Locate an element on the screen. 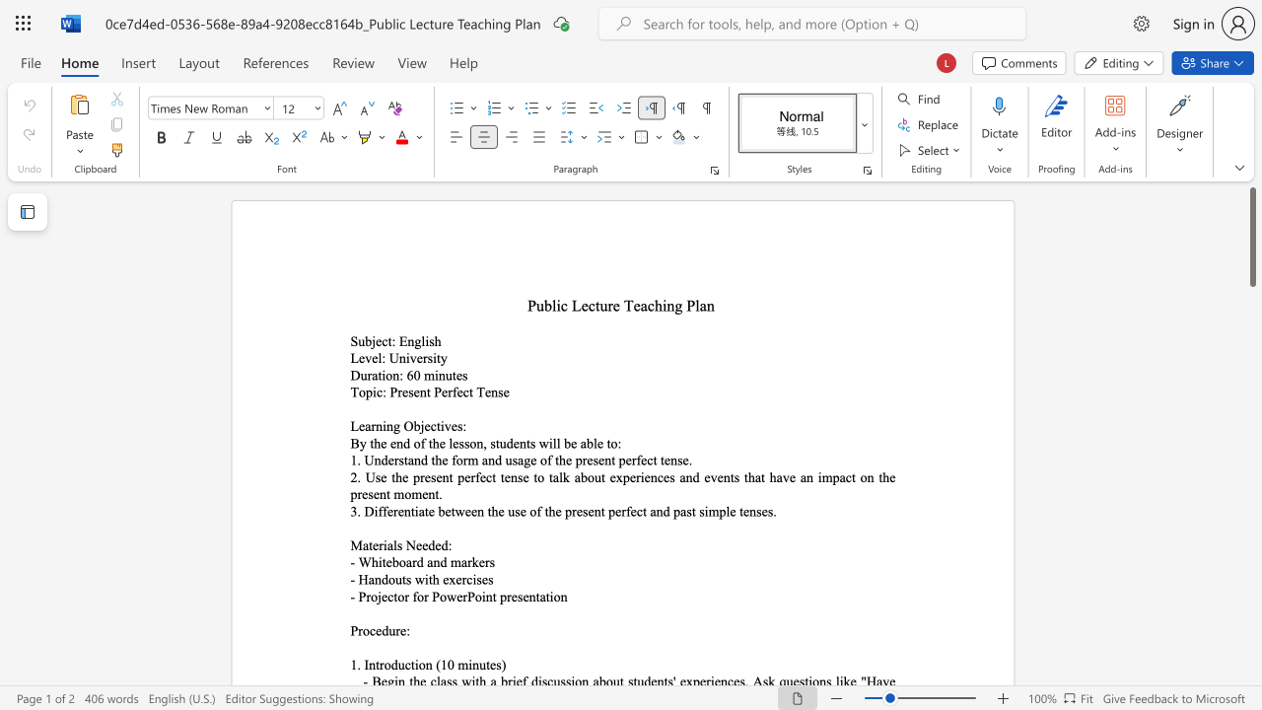 The image size is (1262, 710). the right-hand scrollbar to descend the page is located at coordinates (1251, 483).